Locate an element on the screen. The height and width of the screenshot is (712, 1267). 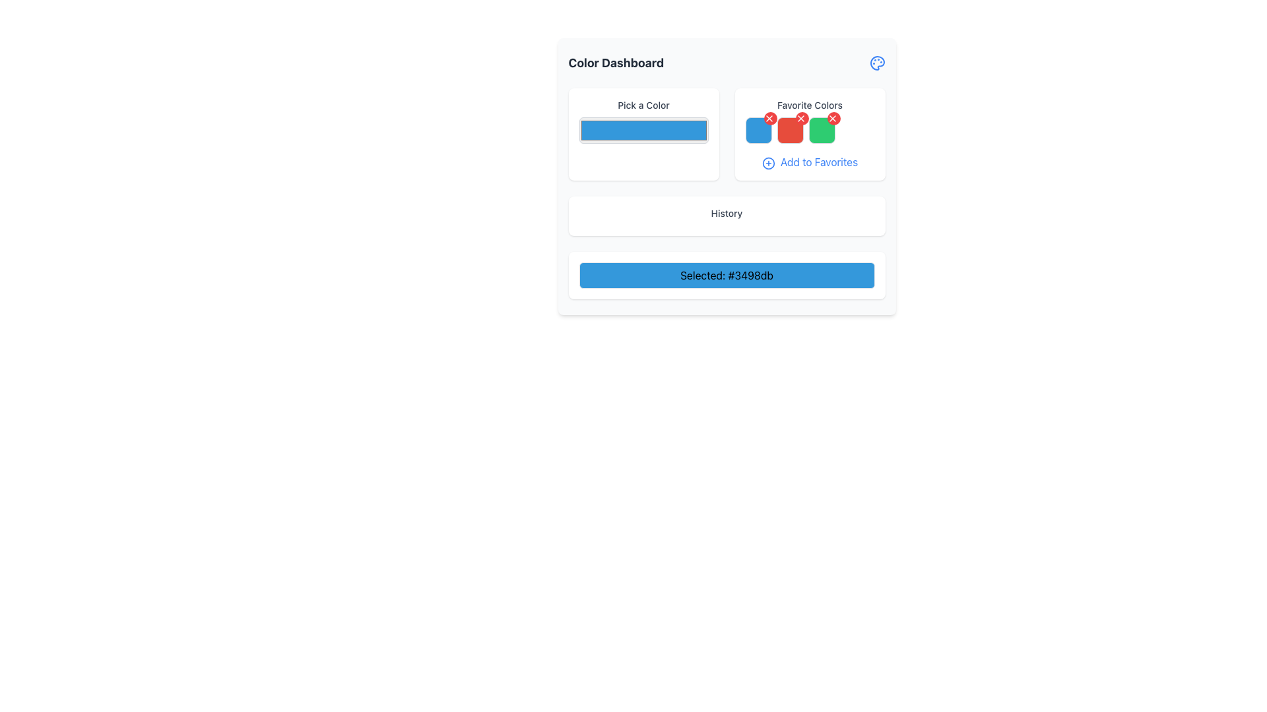
the blue color picker input within the card titled 'Pick a Color' to bring up the color selection interface is located at coordinates (643, 134).